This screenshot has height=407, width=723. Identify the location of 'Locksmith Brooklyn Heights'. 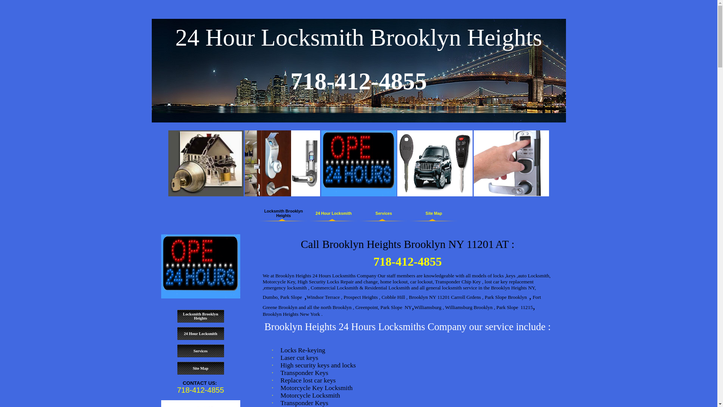
(177, 316).